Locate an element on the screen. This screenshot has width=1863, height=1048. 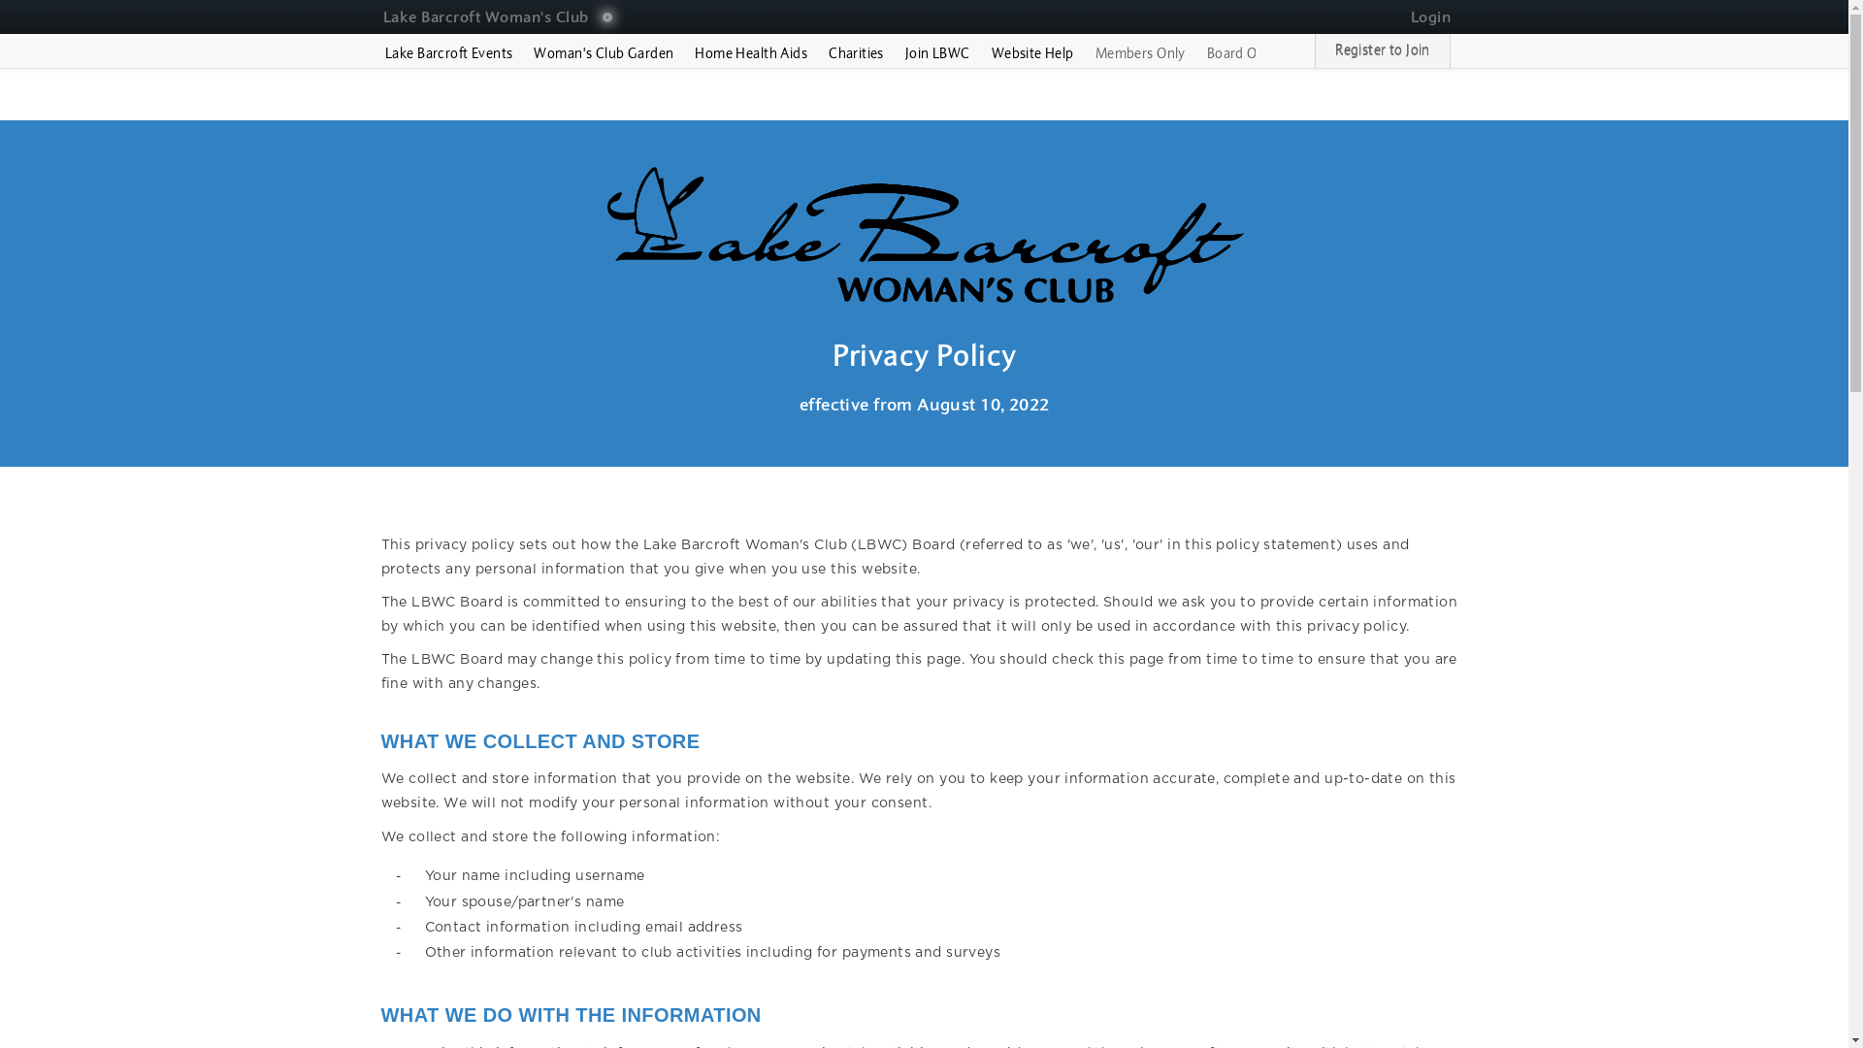
'Home Health Aids' is located at coordinates (749, 51).